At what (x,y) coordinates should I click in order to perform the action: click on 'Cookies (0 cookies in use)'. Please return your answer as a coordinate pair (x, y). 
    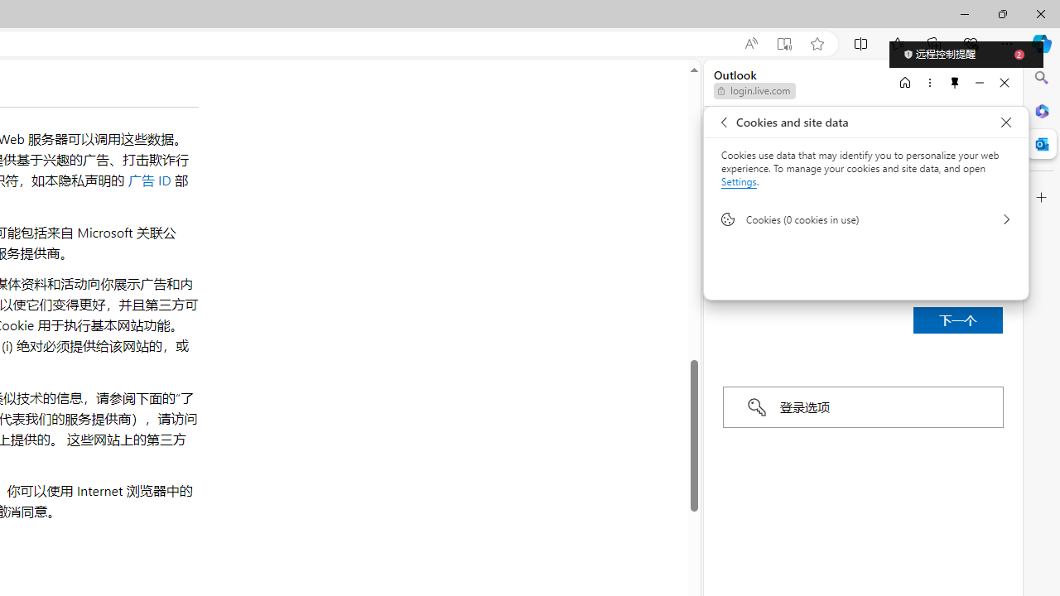
    Looking at the image, I should click on (865, 218).